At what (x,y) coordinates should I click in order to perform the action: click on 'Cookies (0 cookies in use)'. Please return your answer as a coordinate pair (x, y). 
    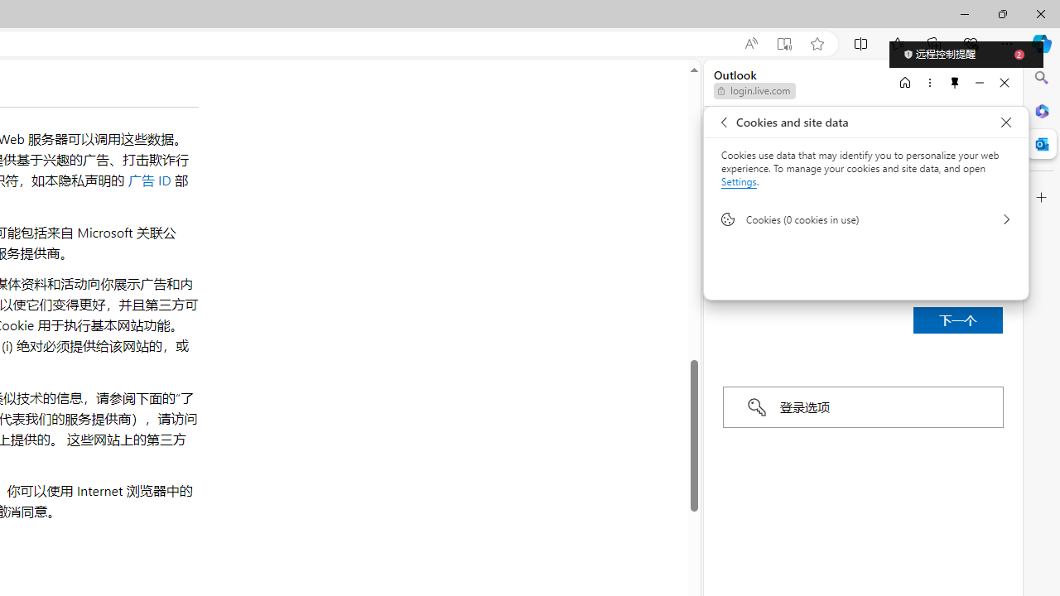
    Looking at the image, I should click on (865, 218).